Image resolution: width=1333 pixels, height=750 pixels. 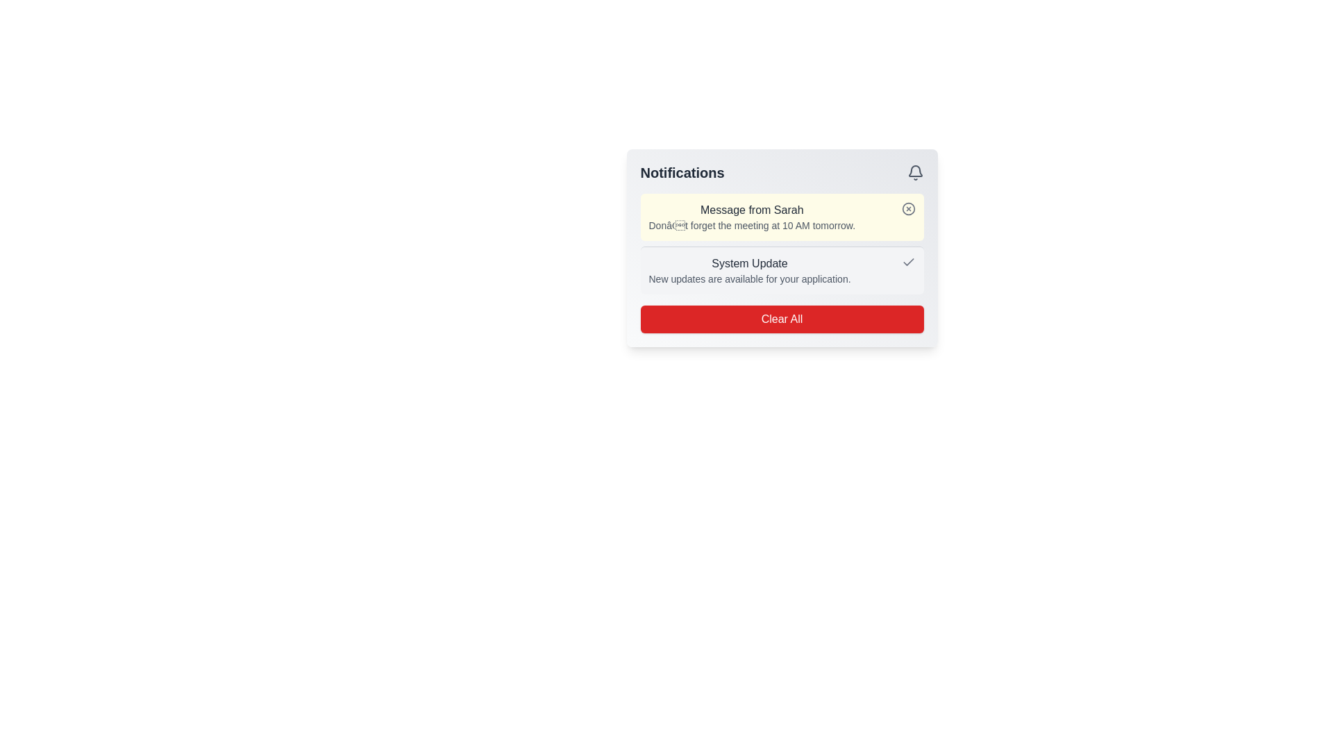 I want to click on the Text Label that informs the user of new updates available for their application, located beneath the 'System Update' label in the notification box, so click(x=749, y=278).